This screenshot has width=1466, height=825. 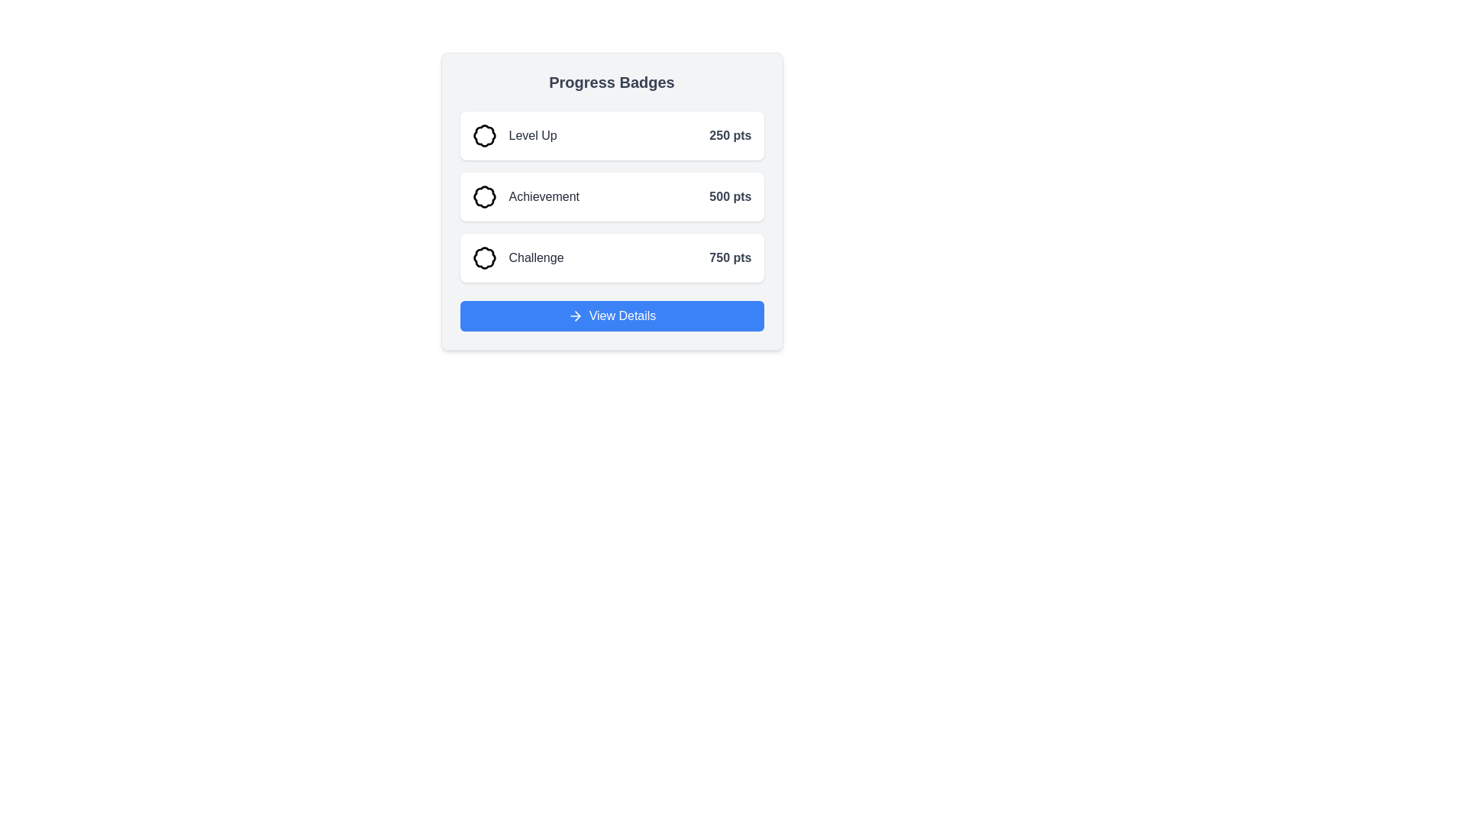 What do you see at coordinates (622, 315) in the screenshot?
I see `the 'View Details' button, which is located beneath the list of progress badges and aligned horizontally in the center of the panel` at bounding box center [622, 315].